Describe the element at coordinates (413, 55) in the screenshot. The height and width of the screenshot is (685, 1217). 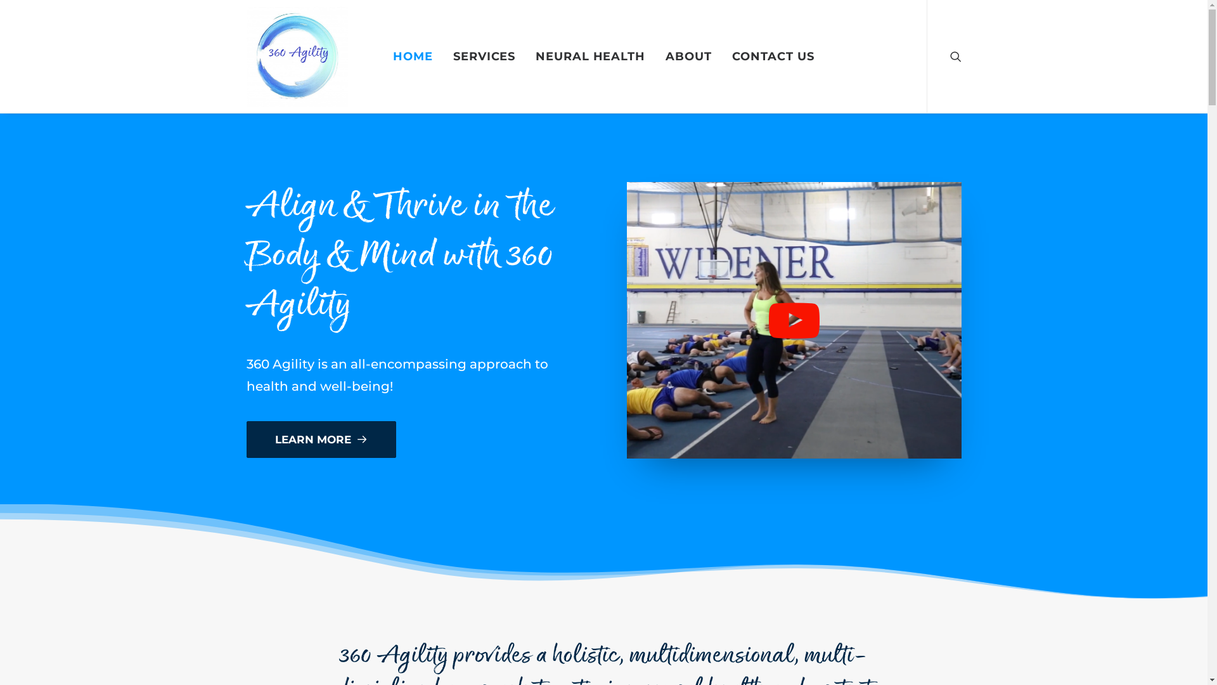
I see `'HOME'` at that location.